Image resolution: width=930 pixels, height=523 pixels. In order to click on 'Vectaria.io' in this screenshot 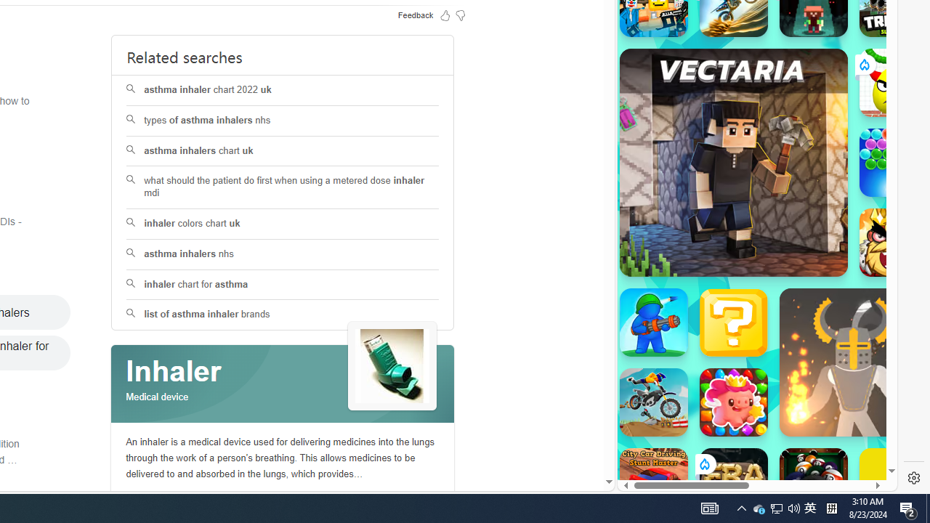, I will do `click(733, 162)`.